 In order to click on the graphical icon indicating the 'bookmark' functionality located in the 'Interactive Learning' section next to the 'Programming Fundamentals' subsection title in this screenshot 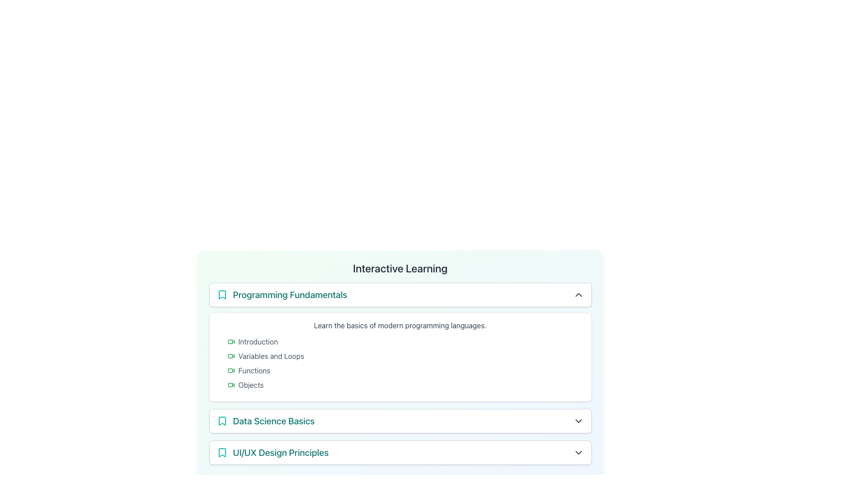, I will do `click(222, 295)`.